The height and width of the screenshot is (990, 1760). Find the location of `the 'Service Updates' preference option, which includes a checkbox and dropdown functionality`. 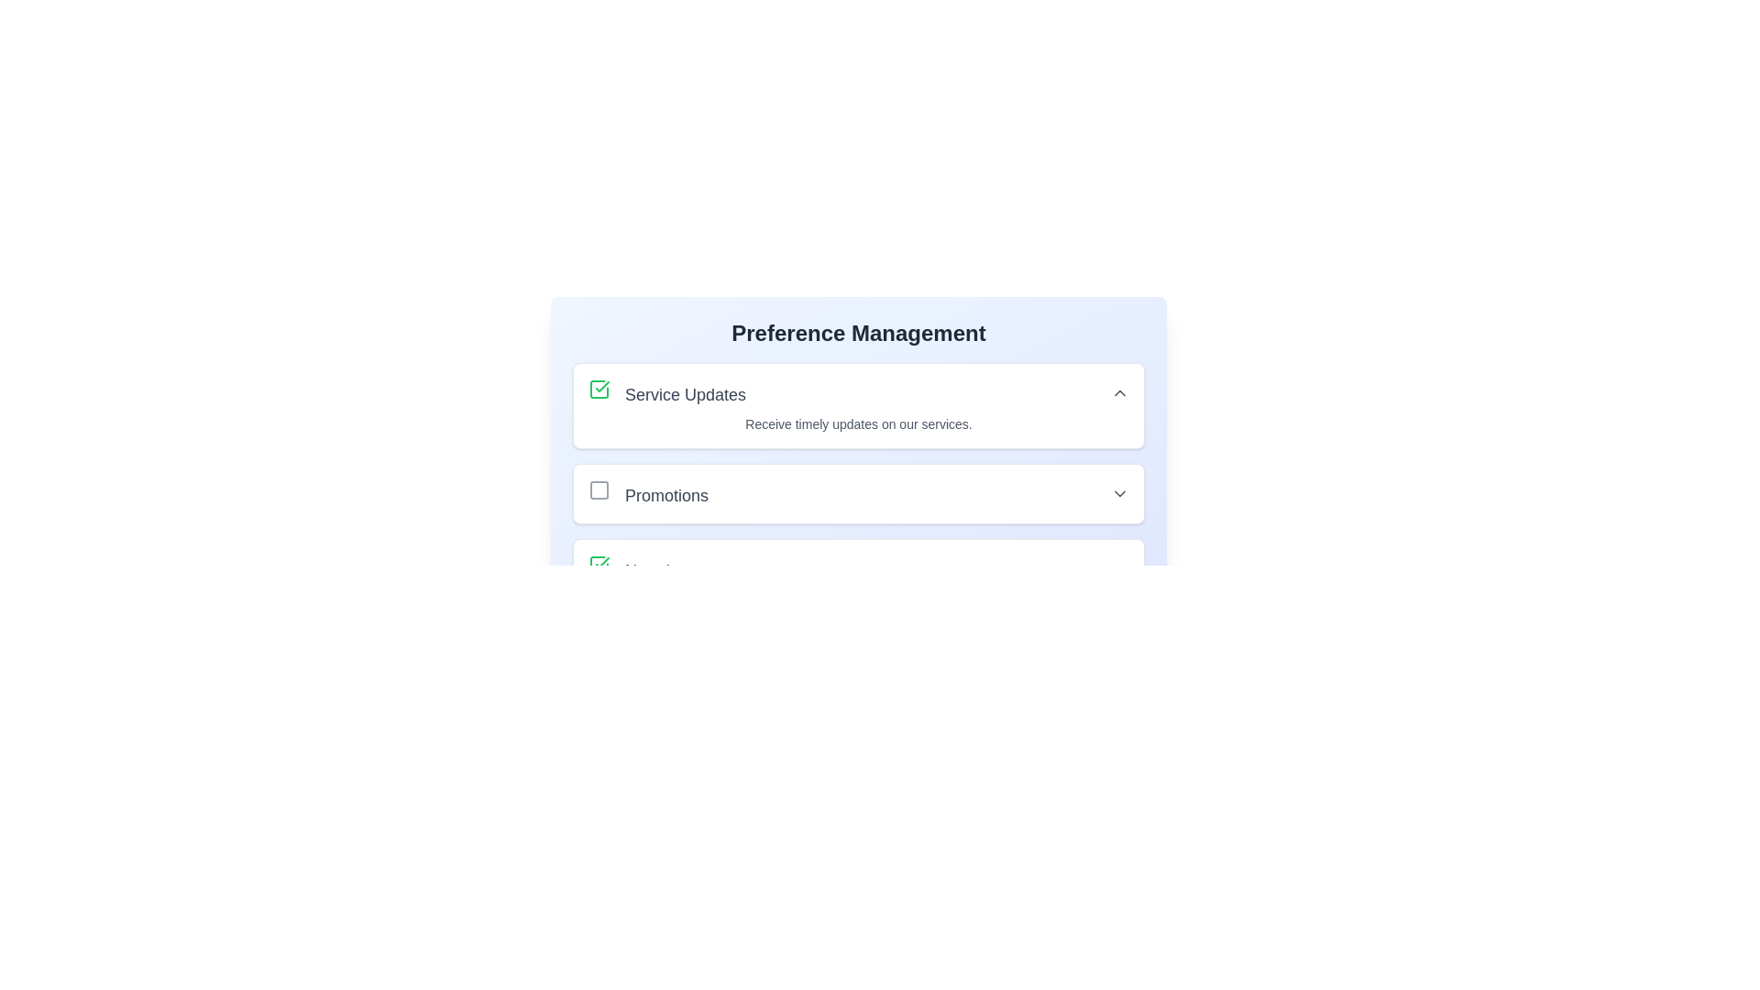

the 'Service Updates' preference option, which includes a checkbox and dropdown functionality is located at coordinates (857, 391).